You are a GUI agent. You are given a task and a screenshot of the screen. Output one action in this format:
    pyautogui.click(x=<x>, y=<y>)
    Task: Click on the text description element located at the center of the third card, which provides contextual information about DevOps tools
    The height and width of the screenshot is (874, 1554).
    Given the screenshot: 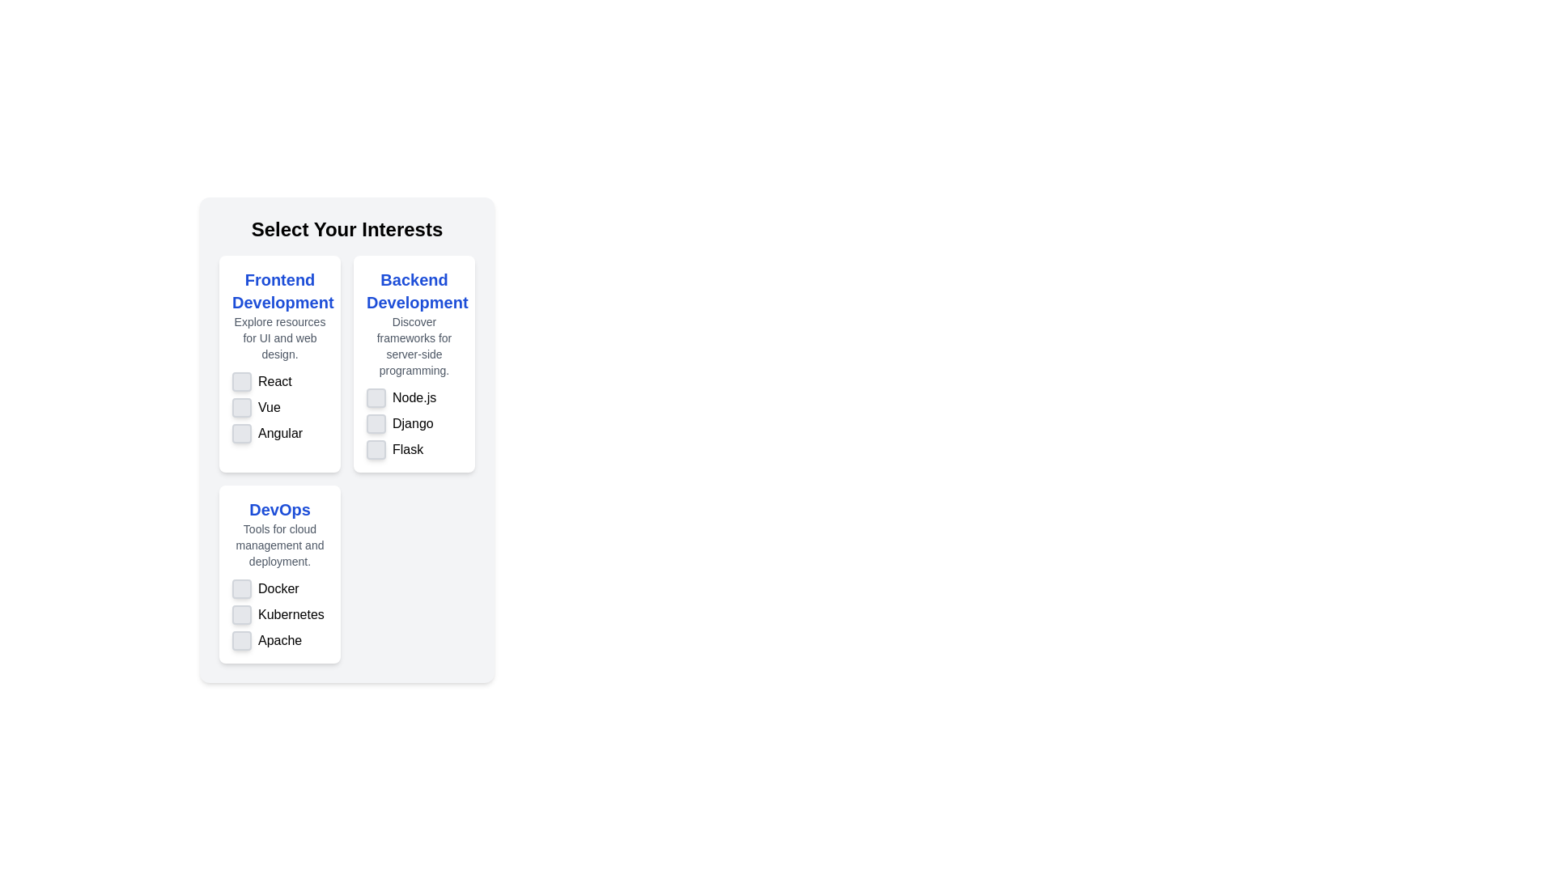 What is the action you would take?
    pyautogui.click(x=279, y=533)
    